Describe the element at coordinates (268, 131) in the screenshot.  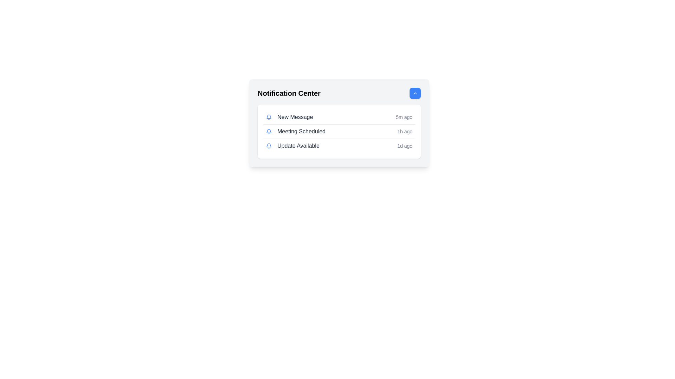
I see `the bell icon indicating an alert or event reminder, located in the second row of the notification list, immediately left of the text 'Meeting Scheduled'` at that location.